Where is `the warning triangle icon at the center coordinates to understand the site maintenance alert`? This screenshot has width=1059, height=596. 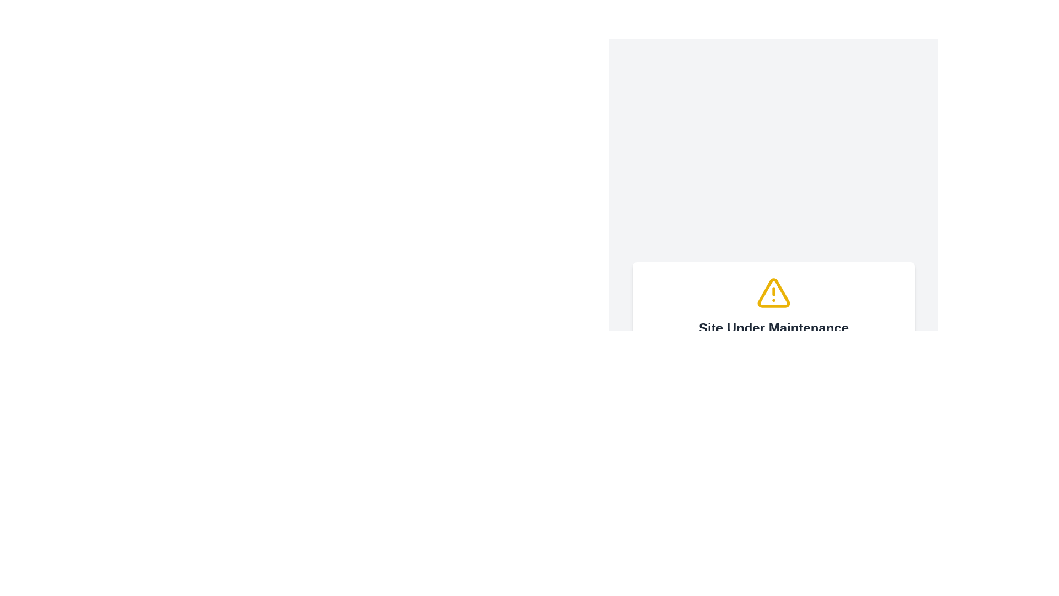 the warning triangle icon at the center coordinates to understand the site maintenance alert is located at coordinates (773, 292).